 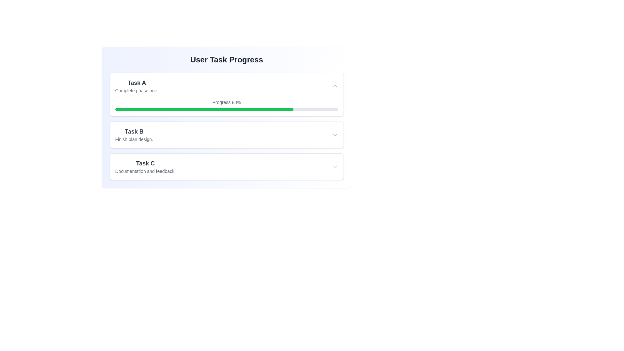 I want to click on the text label that indicates the progress percentage, located above the green progress bar in the center of the 'Task A' panel, so click(x=227, y=102).